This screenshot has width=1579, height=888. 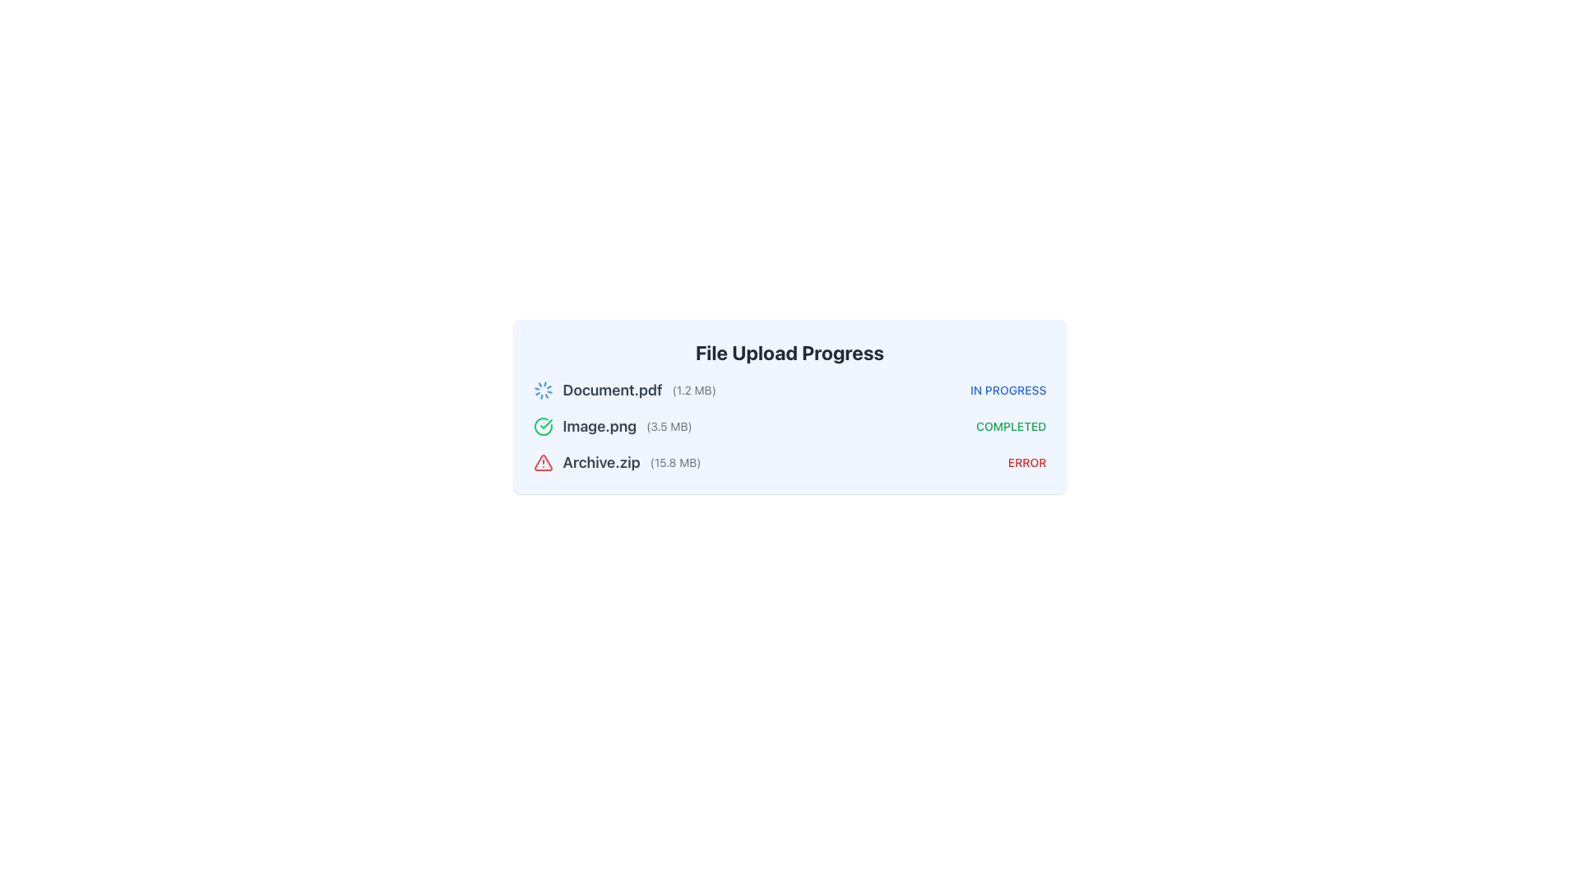 What do you see at coordinates (543, 390) in the screenshot?
I see `the Loader/Progress Animation Icon, a spinner composed of light blue lines indicating file upload activity, located to the left of 'Document.pdf (1.2 MB)'` at bounding box center [543, 390].